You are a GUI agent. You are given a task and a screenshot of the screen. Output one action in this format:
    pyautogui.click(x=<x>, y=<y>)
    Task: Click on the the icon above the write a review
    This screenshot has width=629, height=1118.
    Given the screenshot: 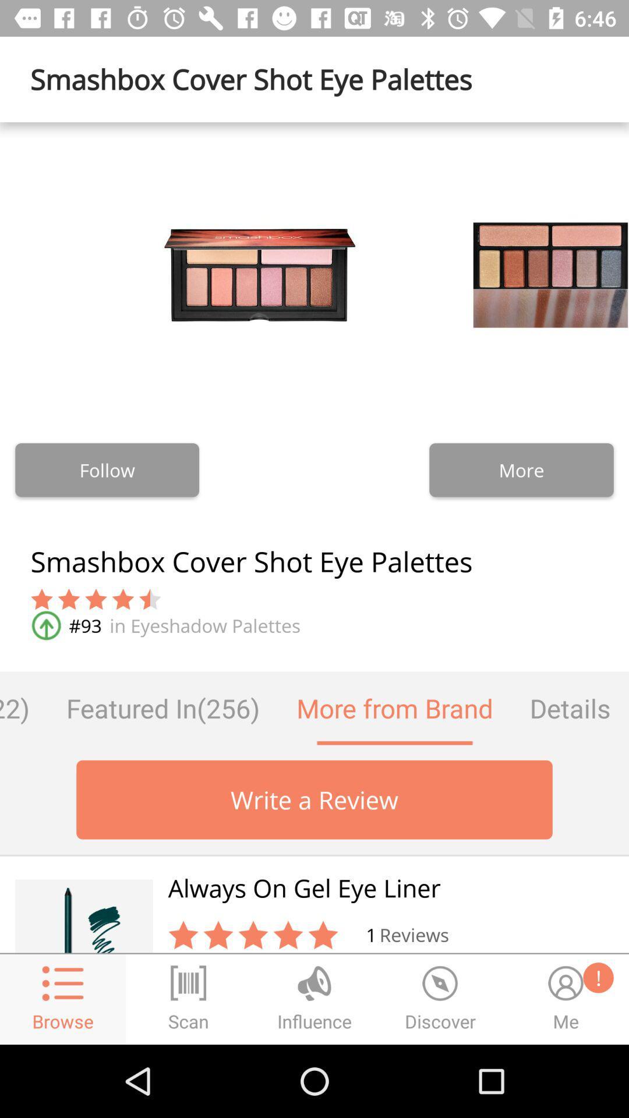 What is the action you would take?
    pyautogui.click(x=163, y=707)
    